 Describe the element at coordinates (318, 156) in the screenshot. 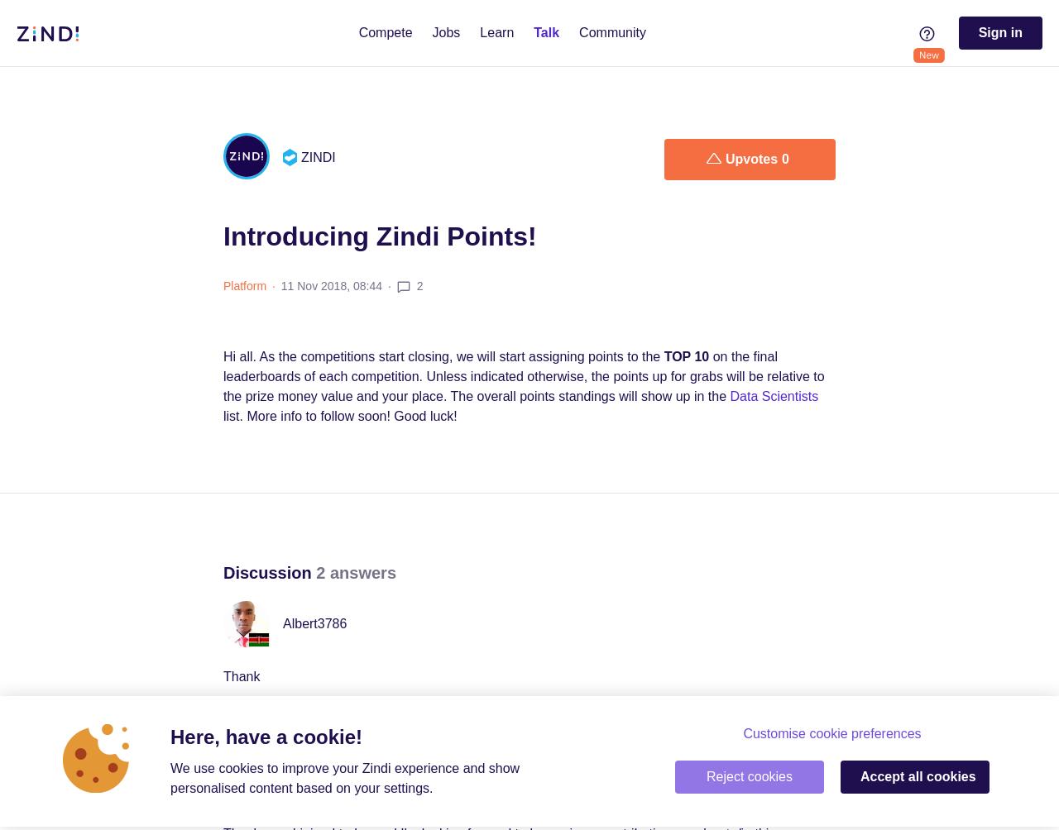

I see `'ZINDI'` at that location.